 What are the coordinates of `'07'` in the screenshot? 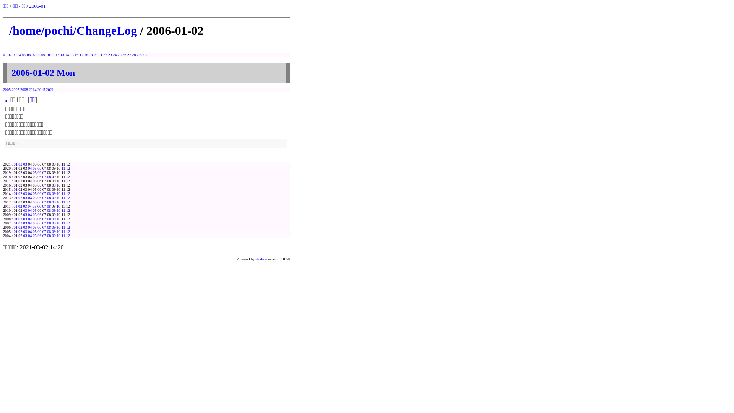 It's located at (44, 206).